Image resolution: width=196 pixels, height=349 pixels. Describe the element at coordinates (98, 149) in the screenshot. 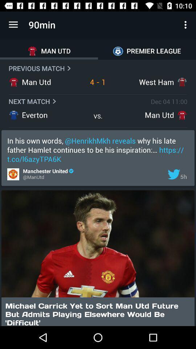

I see `the in his own icon` at that location.